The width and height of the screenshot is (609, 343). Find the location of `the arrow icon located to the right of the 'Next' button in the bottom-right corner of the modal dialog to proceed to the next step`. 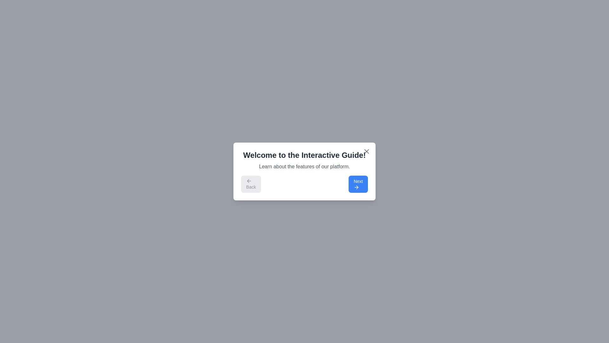

the arrow icon located to the right of the 'Next' button in the bottom-right corner of the modal dialog to proceed to the next step is located at coordinates (356, 187).